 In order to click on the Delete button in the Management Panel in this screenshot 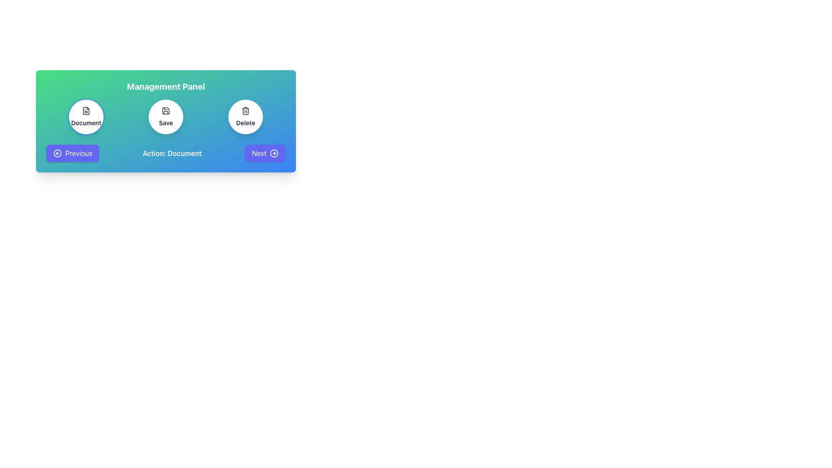, I will do `click(245, 117)`.